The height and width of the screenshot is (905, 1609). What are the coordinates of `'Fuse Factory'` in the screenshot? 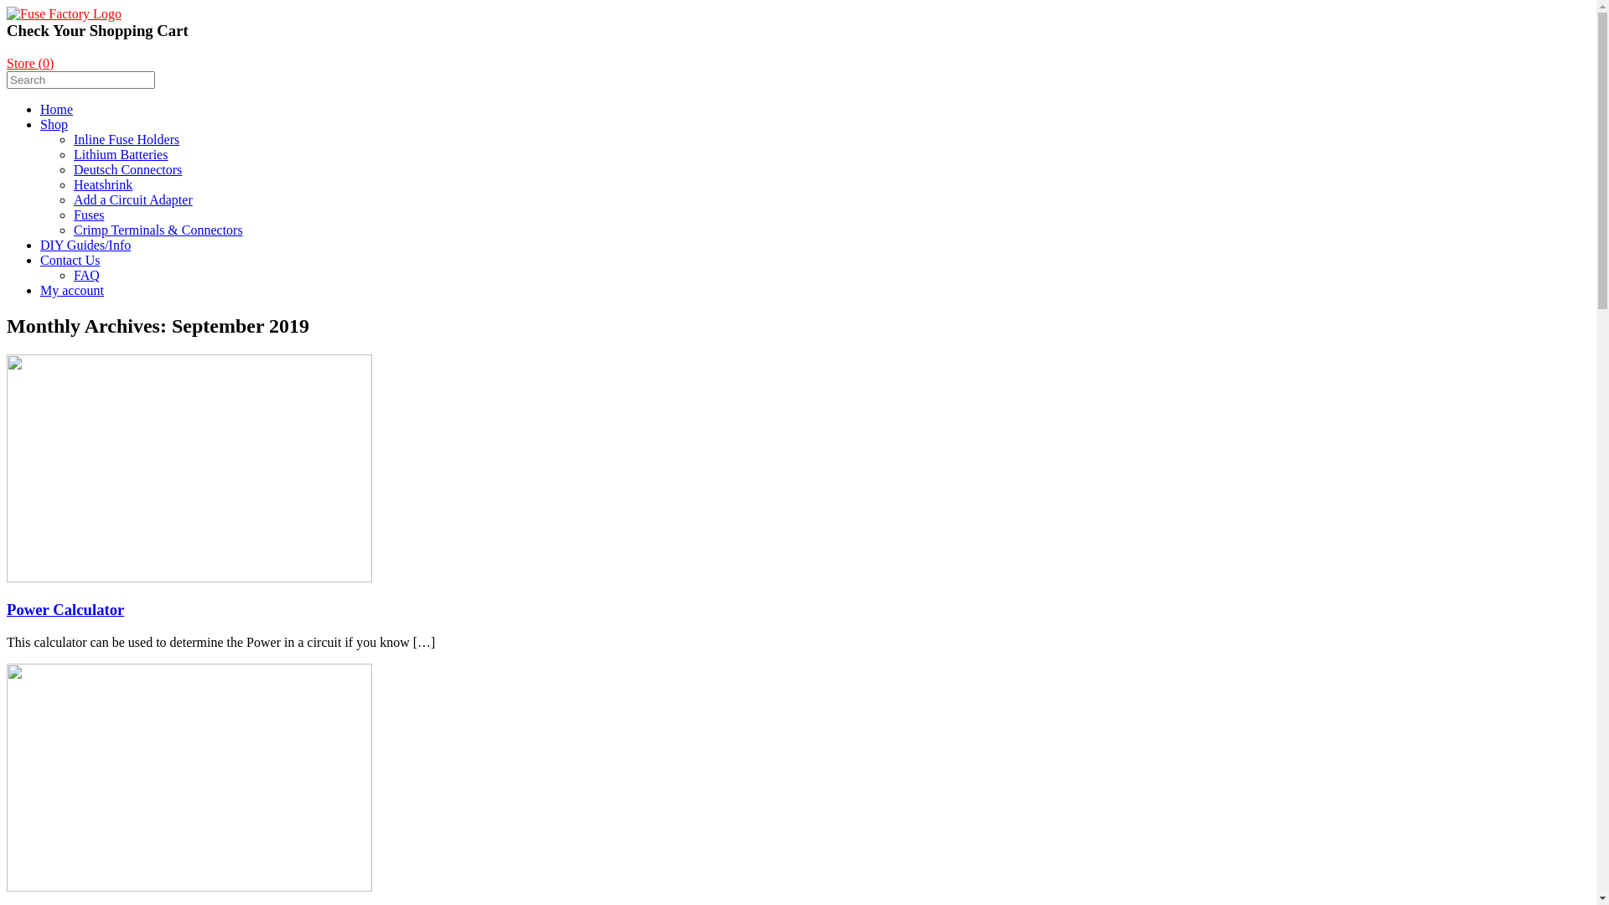 It's located at (64, 13).